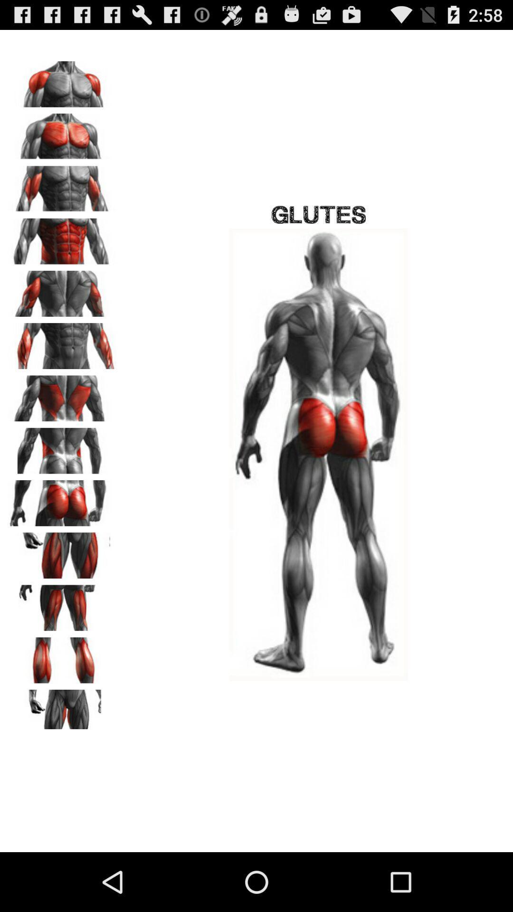 This screenshot has height=912, width=513. I want to click on part of body, so click(62, 604).